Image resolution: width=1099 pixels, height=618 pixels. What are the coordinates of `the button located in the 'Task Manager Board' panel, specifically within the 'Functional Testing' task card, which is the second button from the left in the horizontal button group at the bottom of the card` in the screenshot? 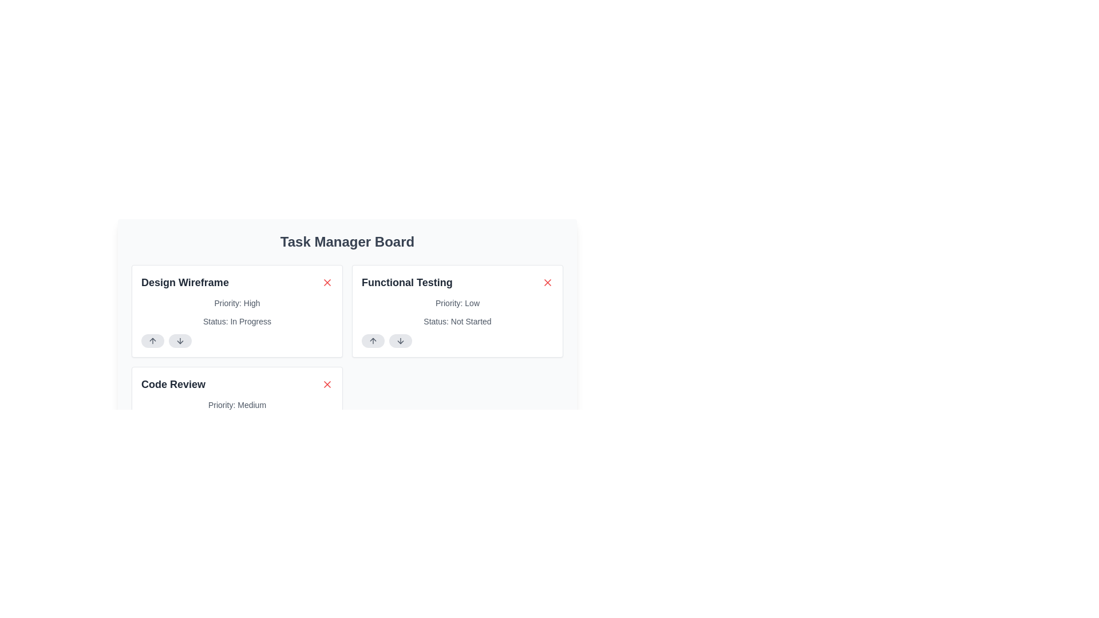 It's located at (401, 340).